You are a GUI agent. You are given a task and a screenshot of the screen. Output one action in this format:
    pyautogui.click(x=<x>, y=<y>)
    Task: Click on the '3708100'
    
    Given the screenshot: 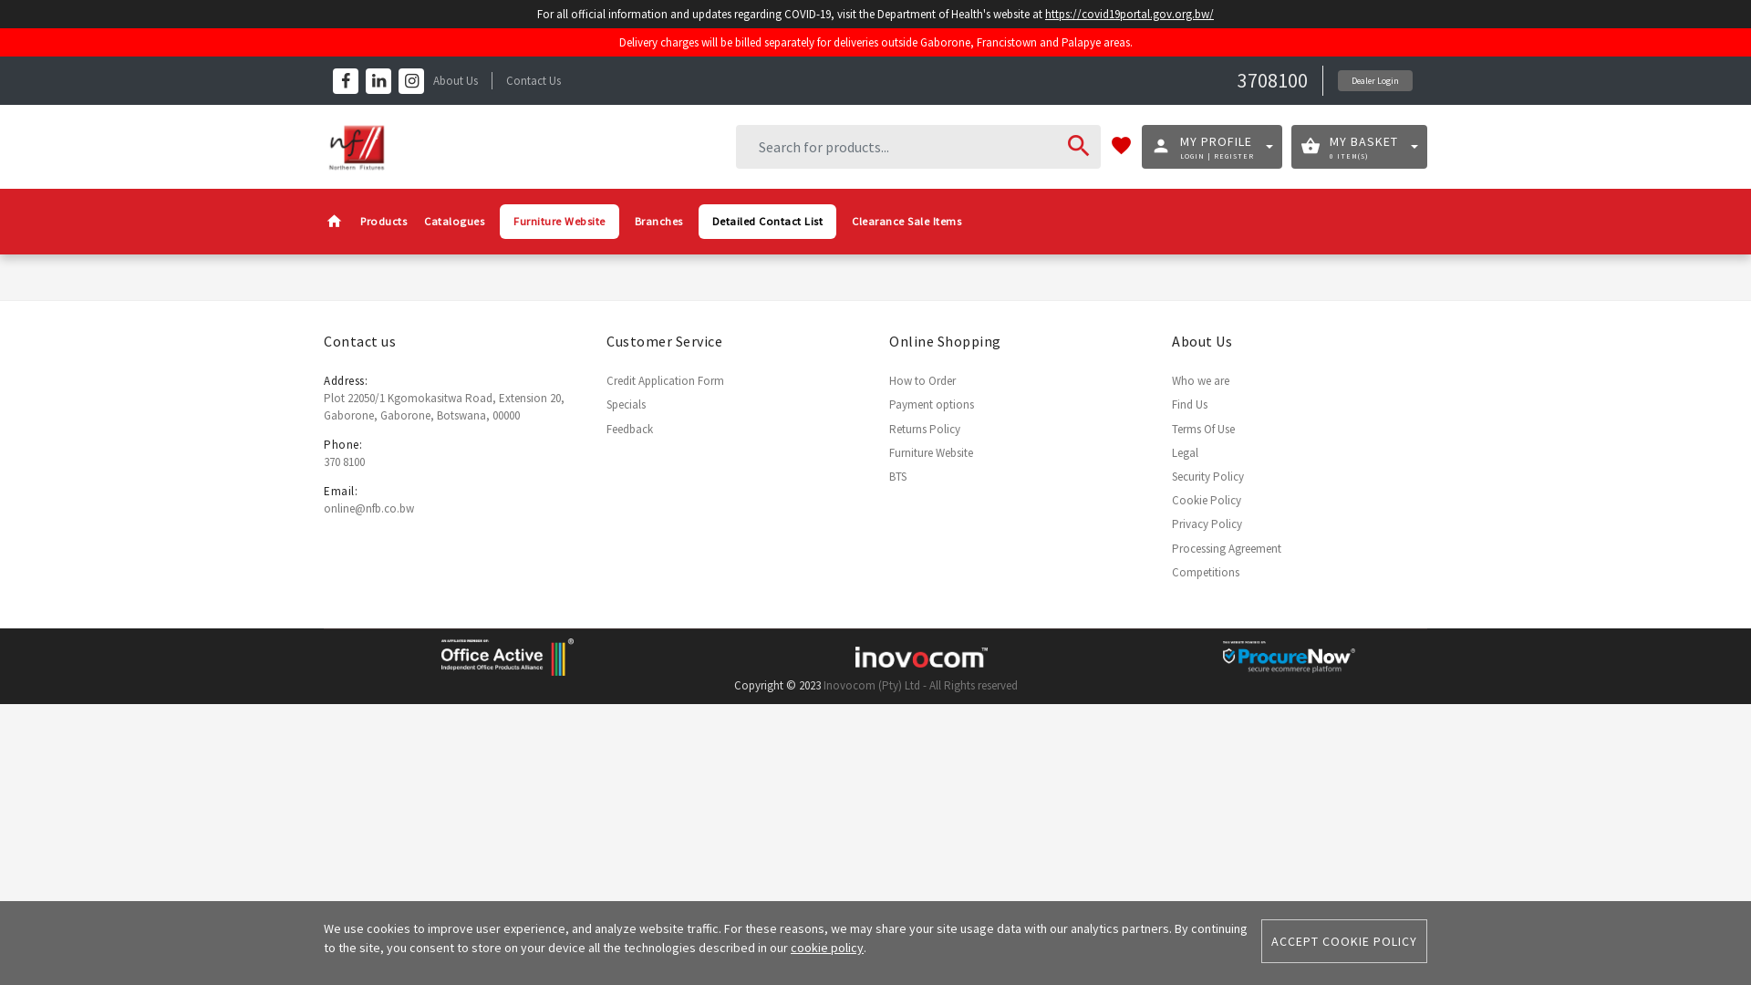 What is the action you would take?
    pyautogui.click(x=1238, y=79)
    